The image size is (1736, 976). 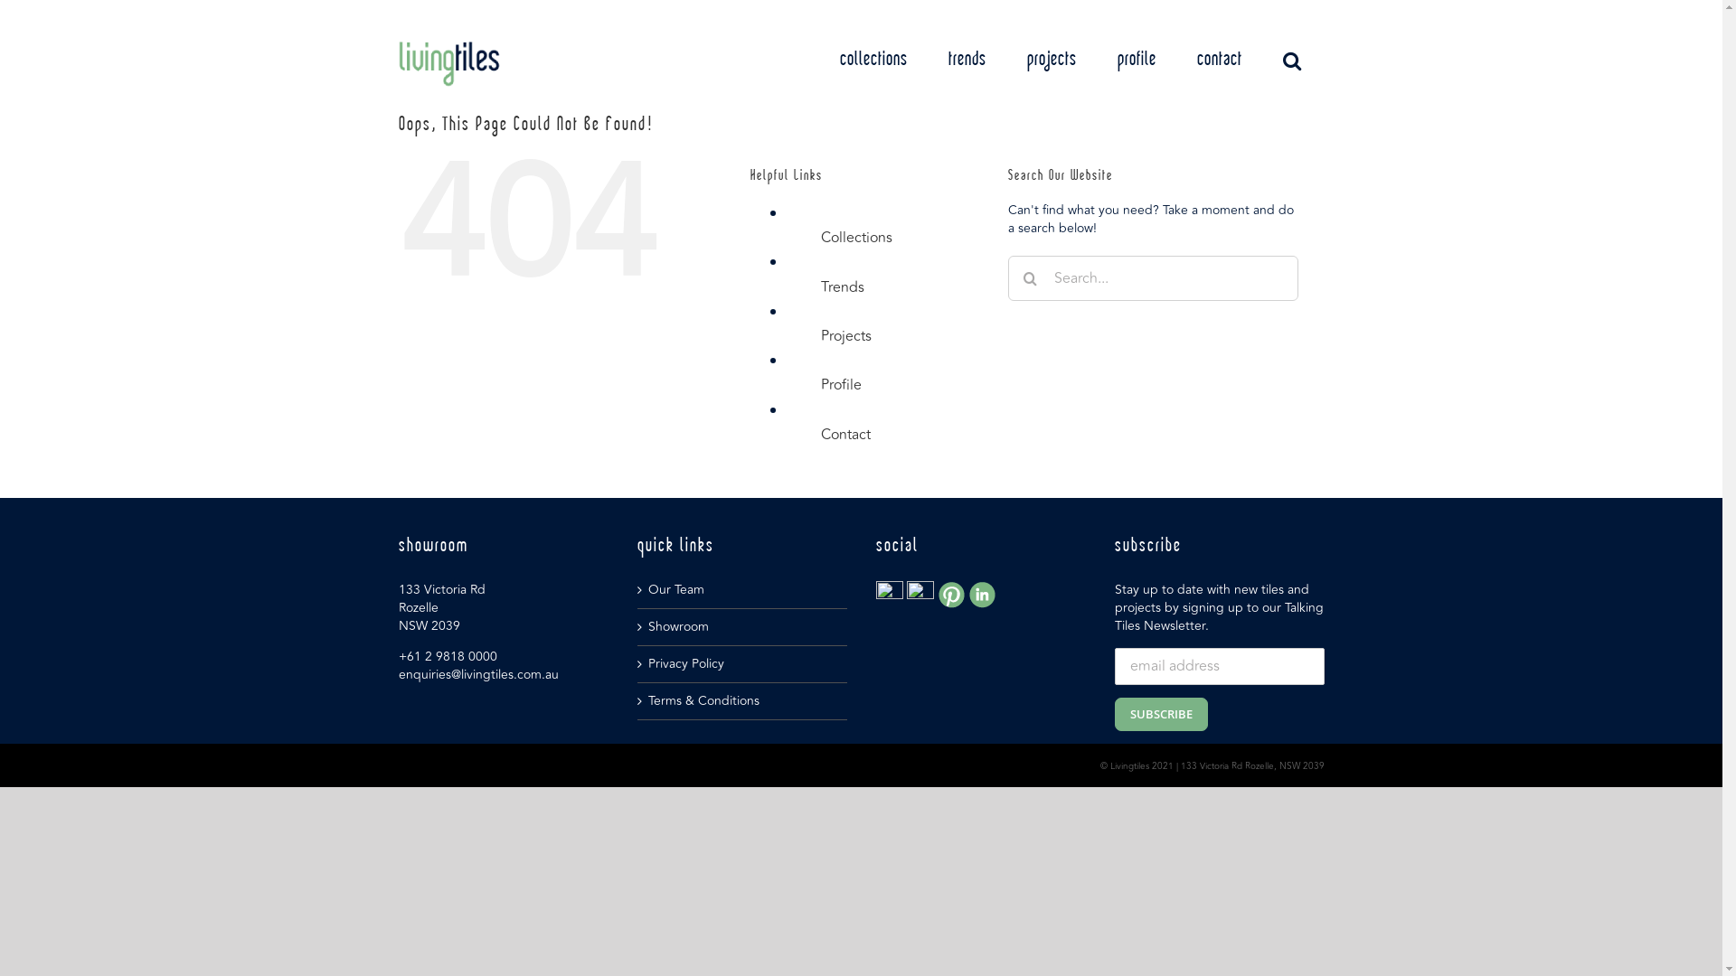 I want to click on '+61 2 9818 0000', so click(x=447, y=656).